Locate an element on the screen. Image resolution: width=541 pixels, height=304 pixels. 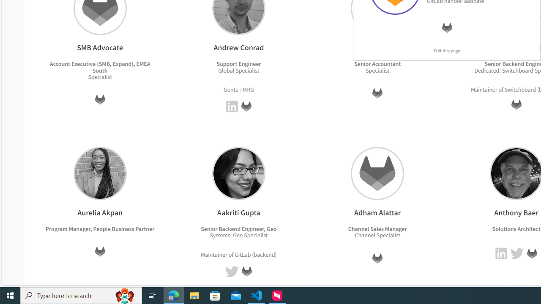
'Senior Backend Engineer, Geo' is located at coordinates (238, 228).